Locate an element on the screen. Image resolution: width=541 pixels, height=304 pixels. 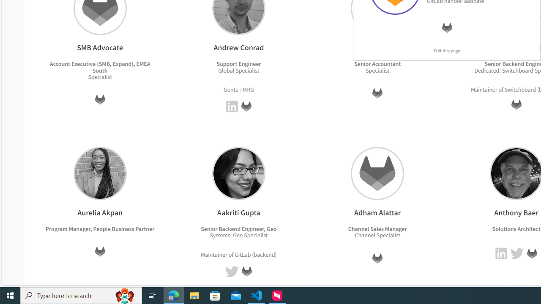
'Senior Backend Engineer, Geo' is located at coordinates (238, 228).